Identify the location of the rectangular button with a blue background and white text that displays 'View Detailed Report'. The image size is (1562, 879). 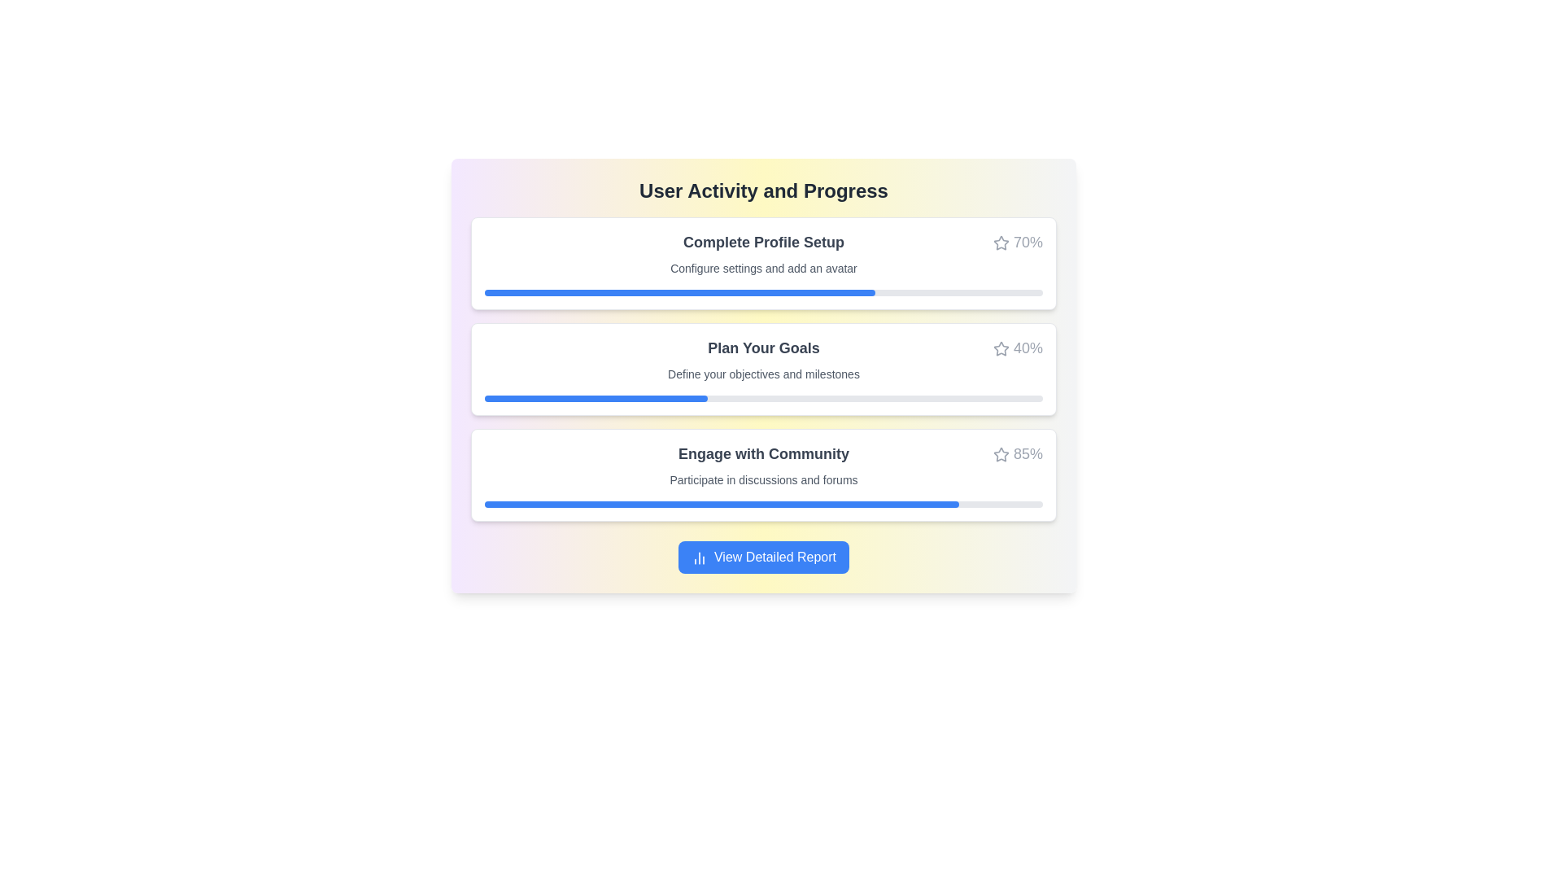
(763, 557).